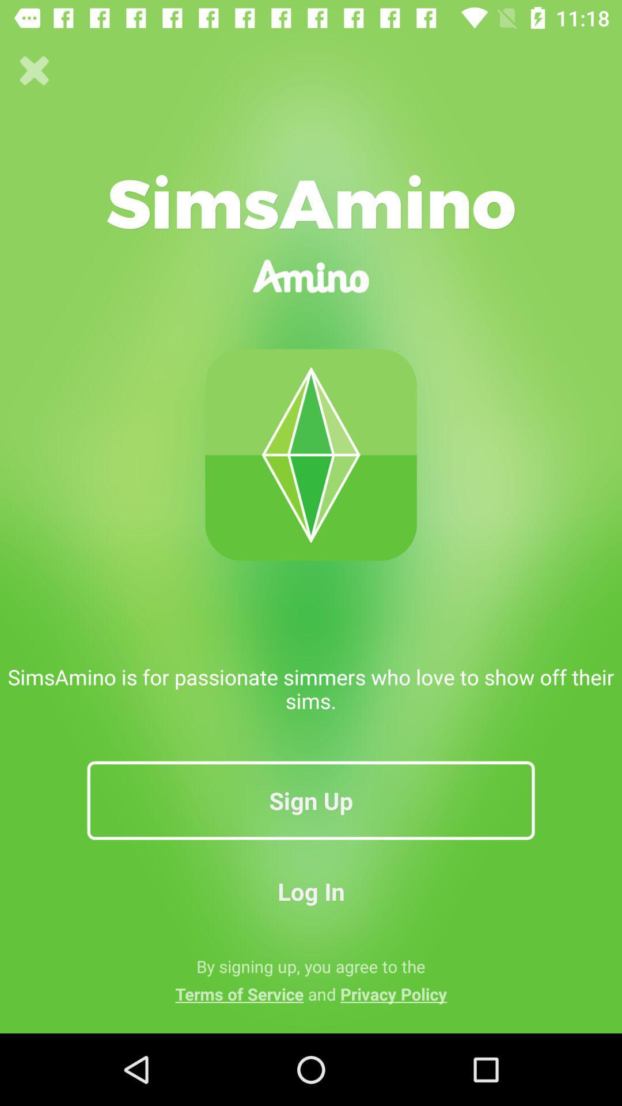 The image size is (622, 1106). What do you see at coordinates (311, 993) in the screenshot?
I see `the terms of service` at bounding box center [311, 993].